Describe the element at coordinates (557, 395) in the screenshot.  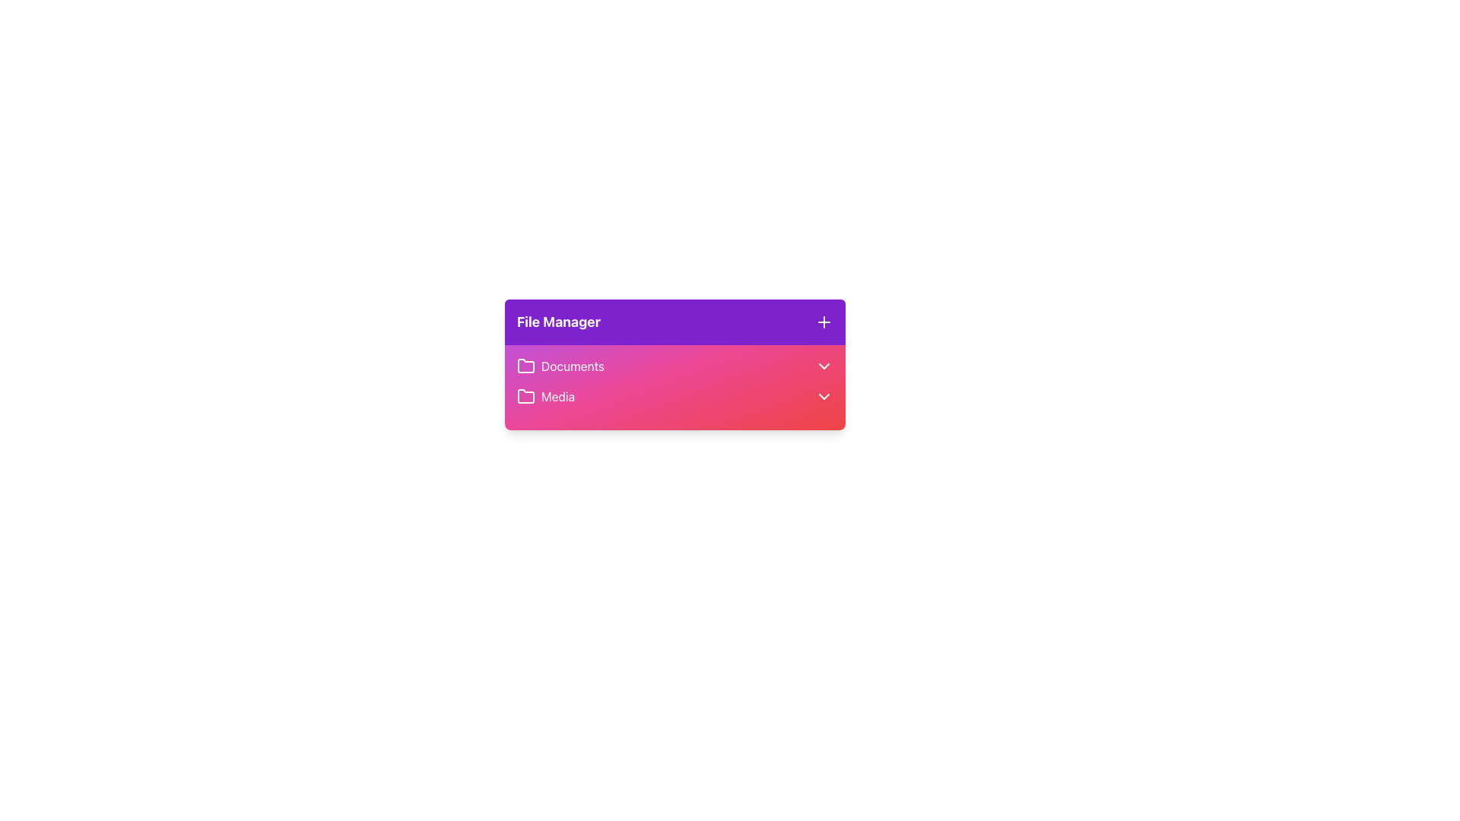
I see `the 'Media' text label, which is the second item in a vertical list within a card layout` at that location.